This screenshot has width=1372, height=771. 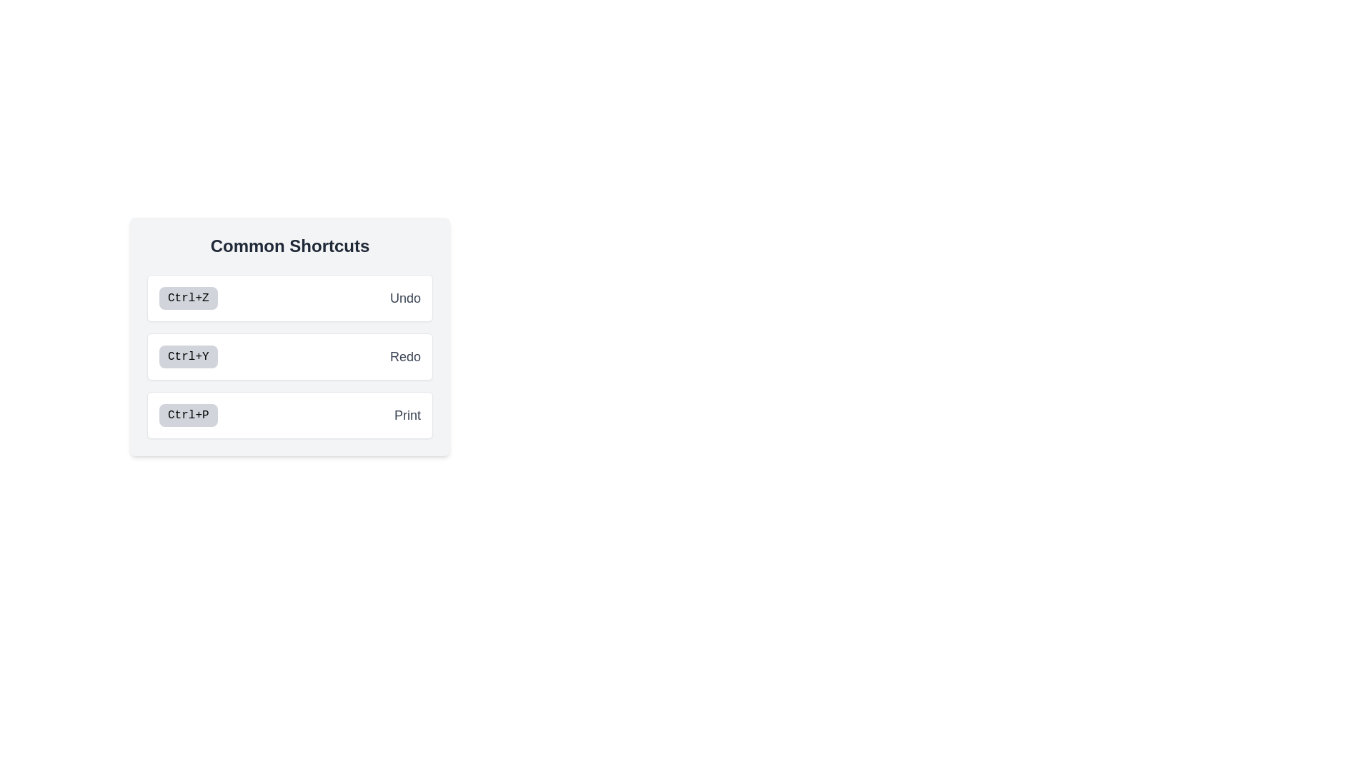 What do you see at coordinates (404, 356) in the screenshot?
I see `the label displaying 'Redo' which is aligned to the right side next to 'Ctrl+Y' in the middle row of the 'Common Shortcuts' list` at bounding box center [404, 356].